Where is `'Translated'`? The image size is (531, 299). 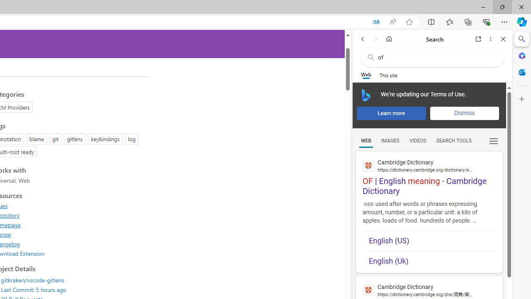 'Translated' is located at coordinates (375, 22).